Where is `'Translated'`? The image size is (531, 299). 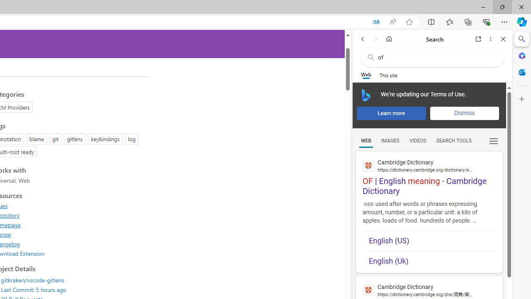 'Translated' is located at coordinates (375, 22).